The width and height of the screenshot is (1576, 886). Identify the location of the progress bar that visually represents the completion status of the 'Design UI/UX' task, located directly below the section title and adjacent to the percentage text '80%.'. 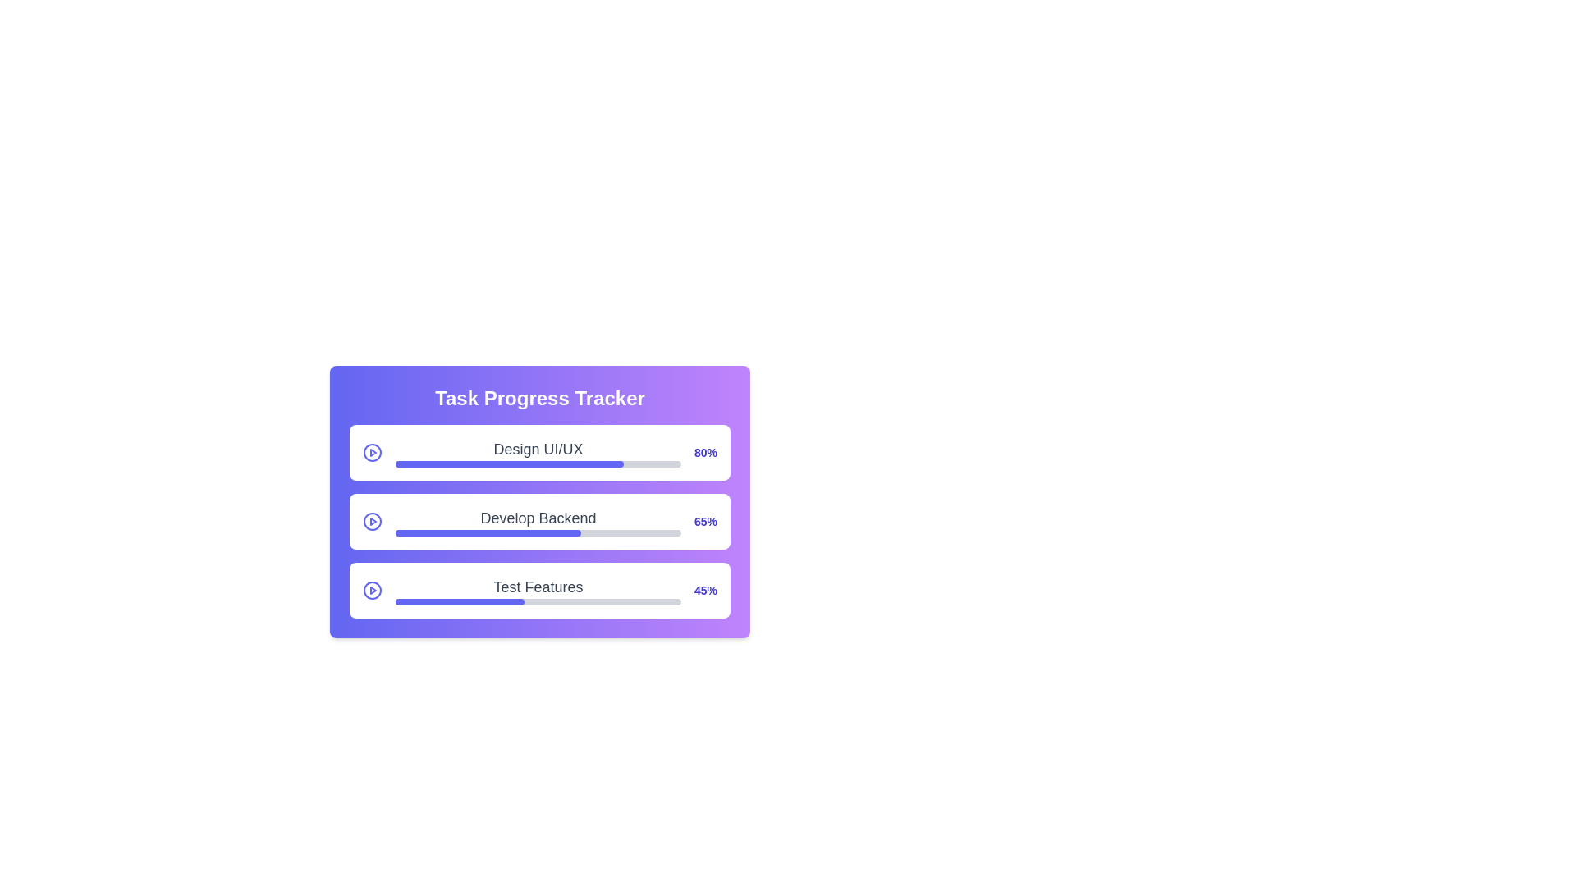
(538, 464).